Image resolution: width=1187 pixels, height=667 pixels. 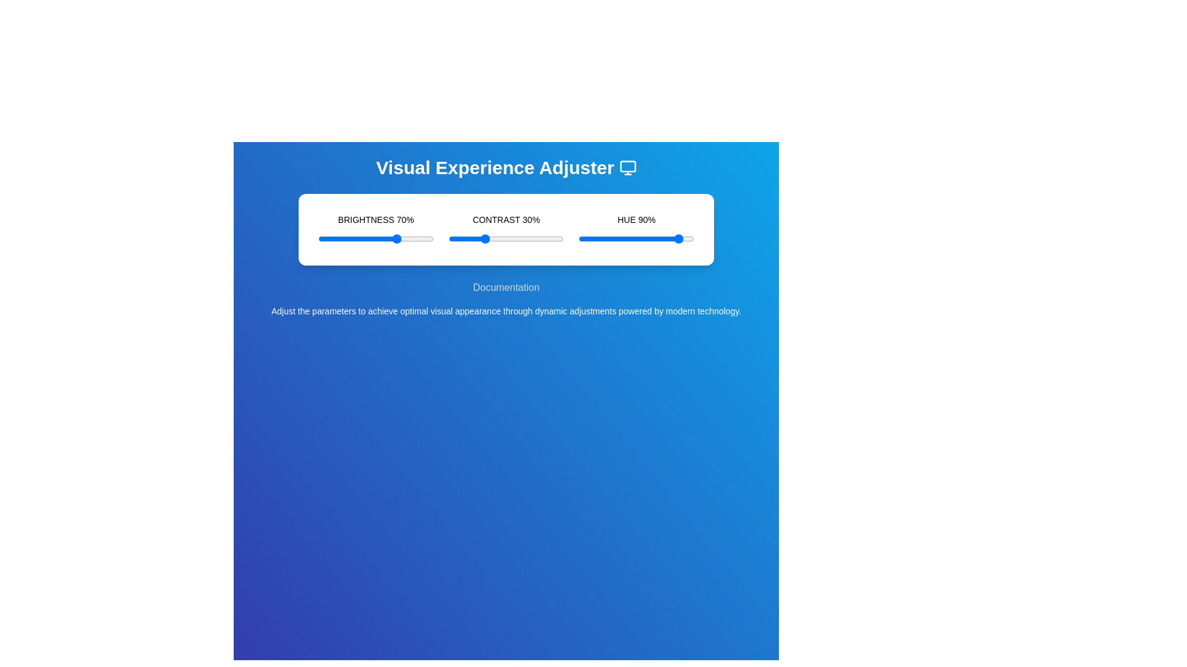 What do you see at coordinates (475, 238) in the screenshot?
I see `the contrast slider to set the contrast level to 24` at bounding box center [475, 238].